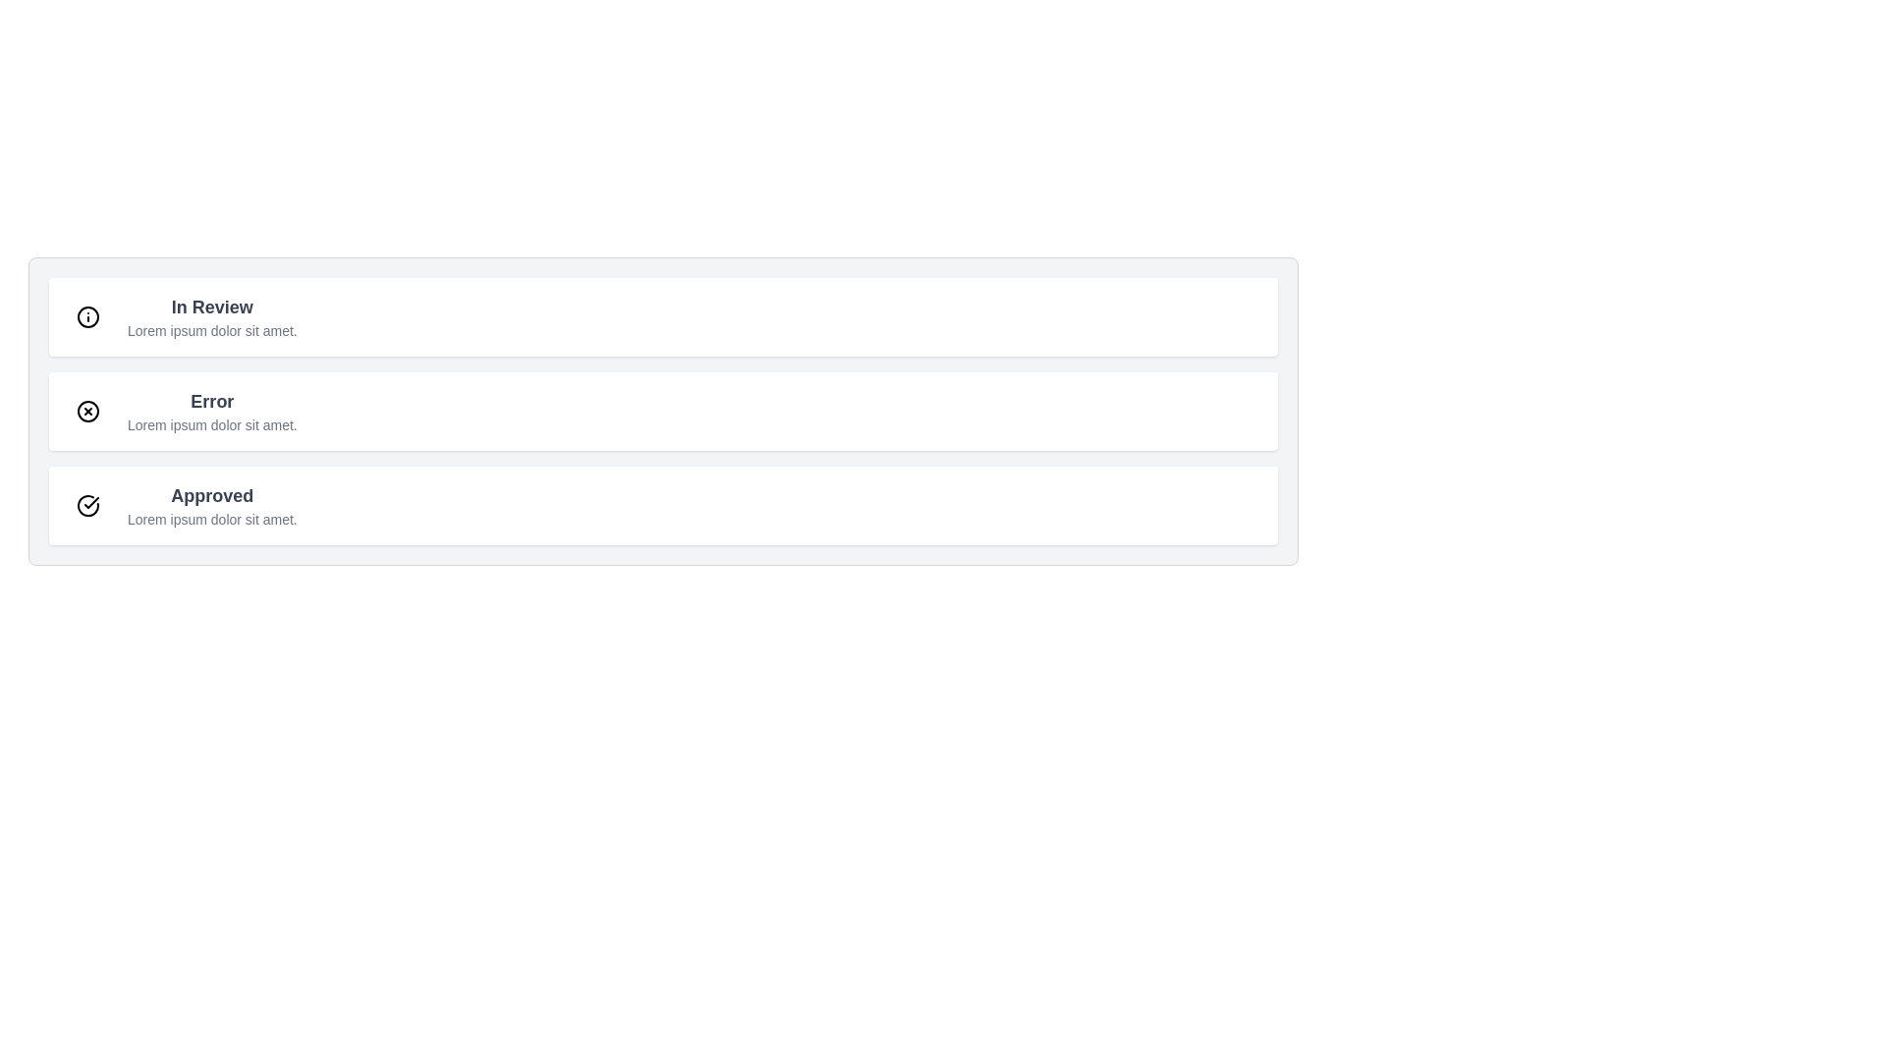 This screenshot has width=1886, height=1061. Describe the element at coordinates (212, 518) in the screenshot. I see `the static text element that displays 'Lorem ipsum dolor sit amet.' which is styled in gray and located below the text 'Approved' in a confirmation message layout` at that location.